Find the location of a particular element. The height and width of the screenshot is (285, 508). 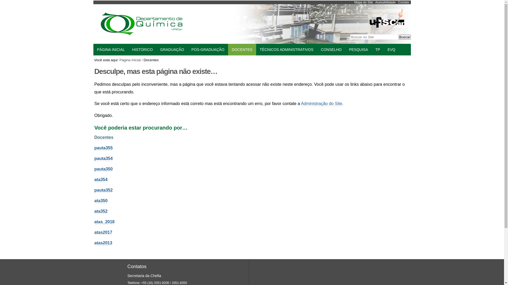

'Mapa do Site' is located at coordinates (363, 2).